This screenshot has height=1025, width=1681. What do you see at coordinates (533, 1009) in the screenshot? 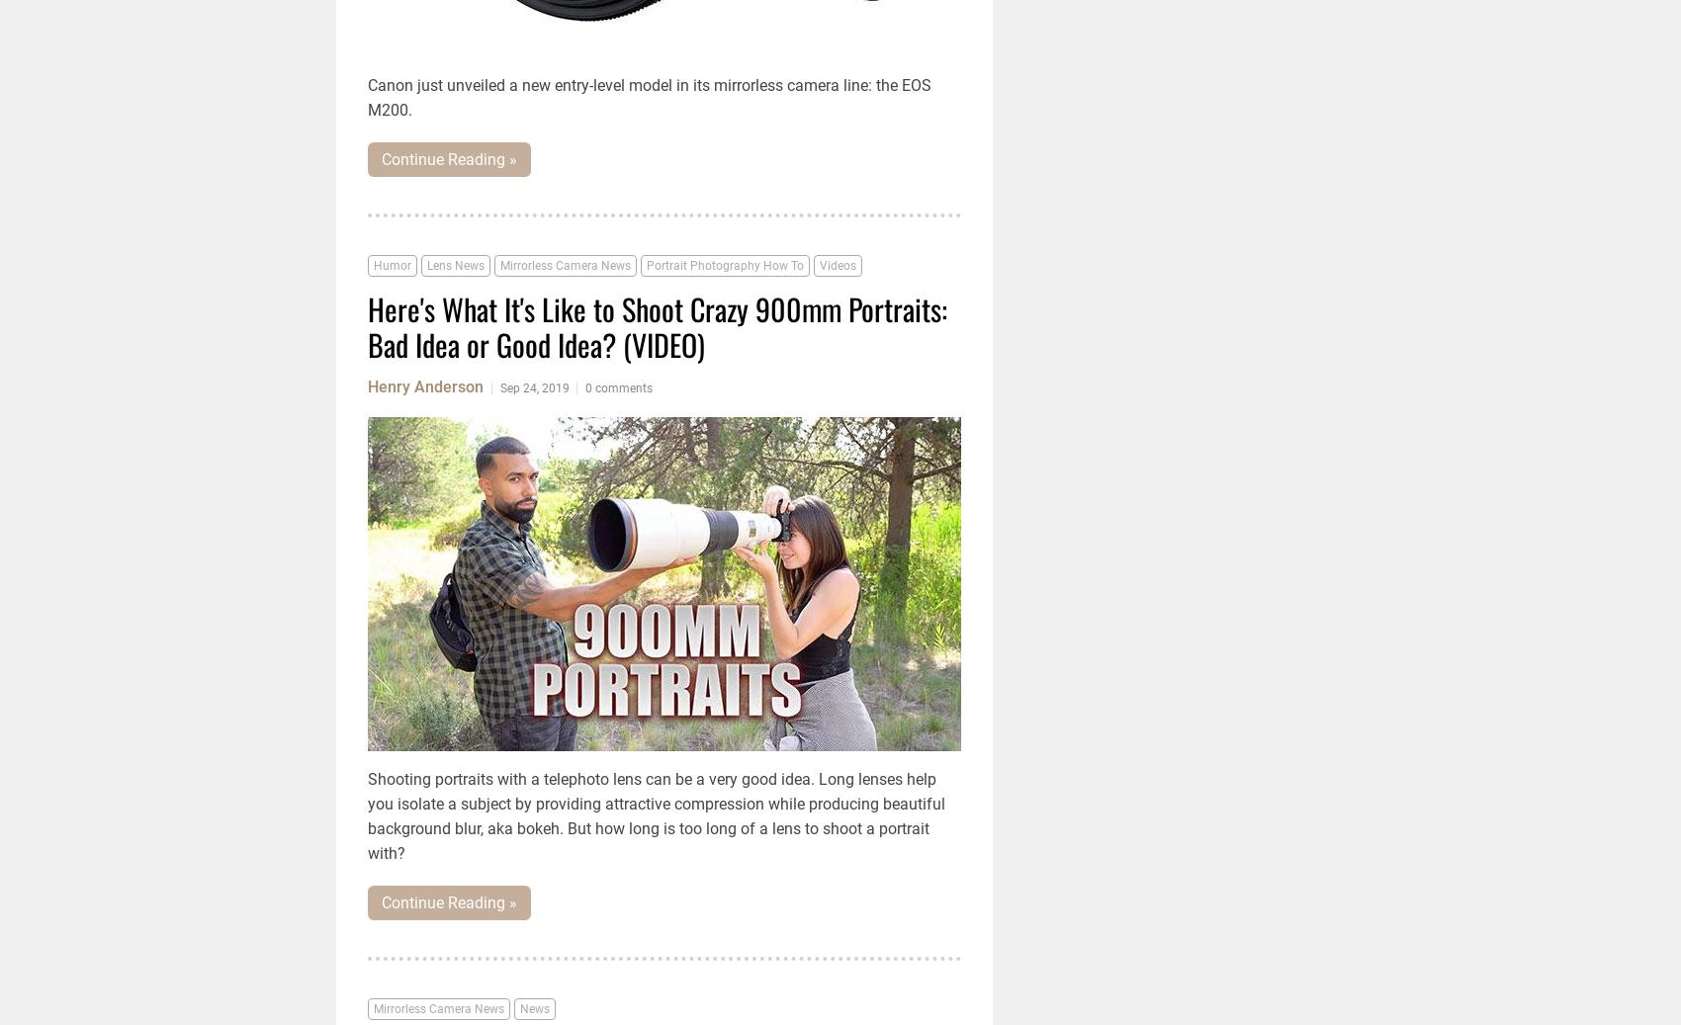
I see `'News'` at bounding box center [533, 1009].